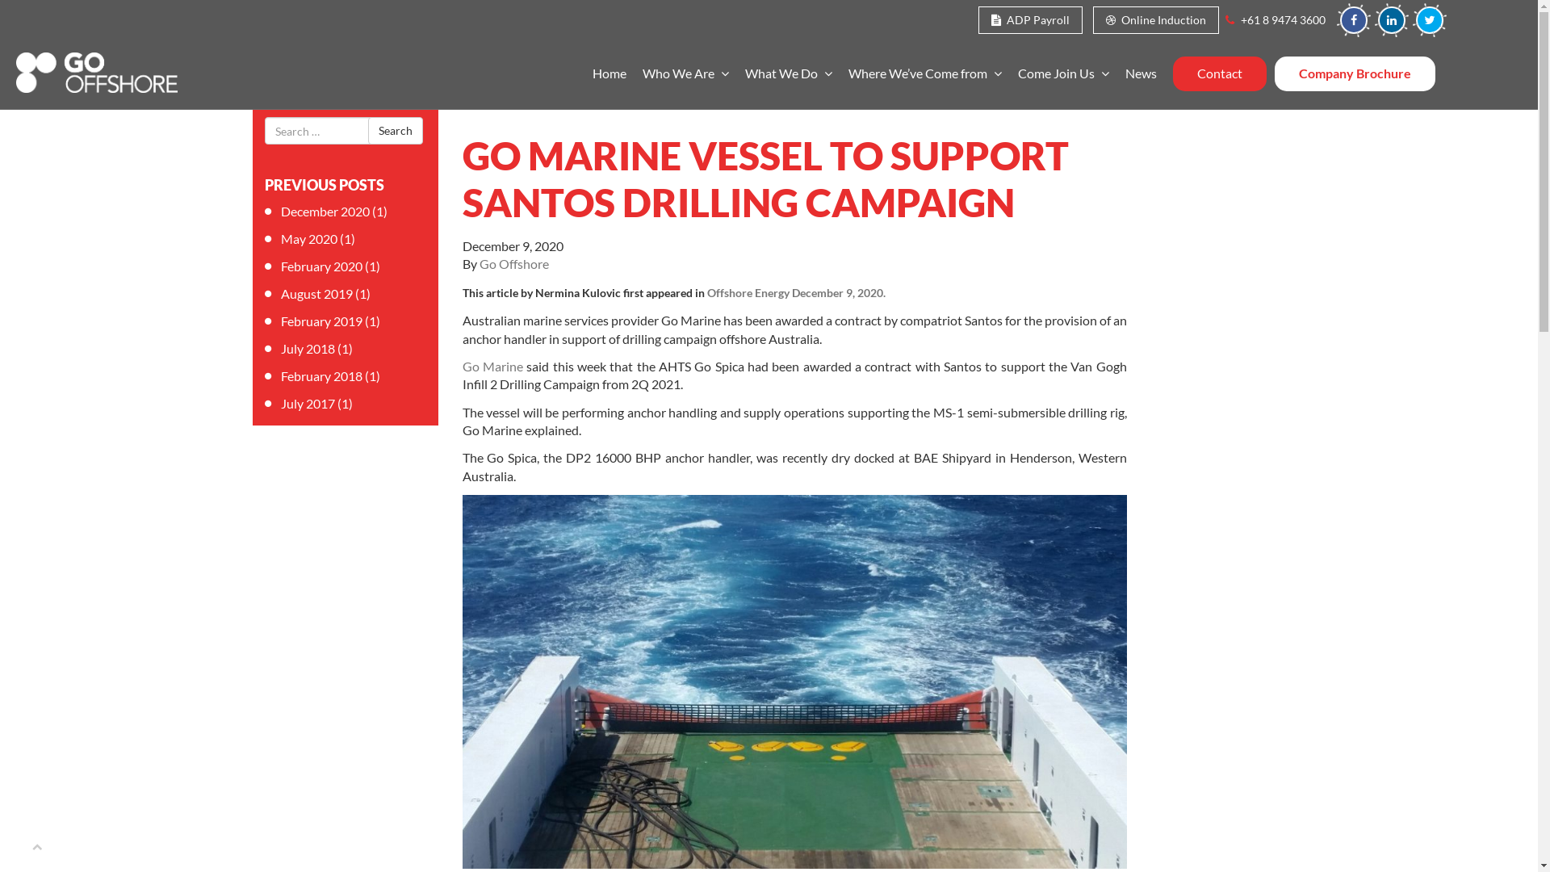  I want to click on 'February 2020', so click(321, 265).